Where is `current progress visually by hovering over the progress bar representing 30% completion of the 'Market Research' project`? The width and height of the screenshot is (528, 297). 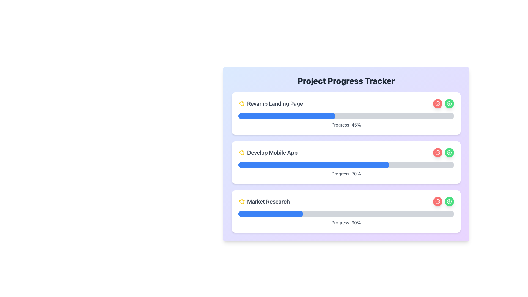
current progress visually by hovering over the progress bar representing 30% completion of the 'Market Research' project is located at coordinates (346, 214).